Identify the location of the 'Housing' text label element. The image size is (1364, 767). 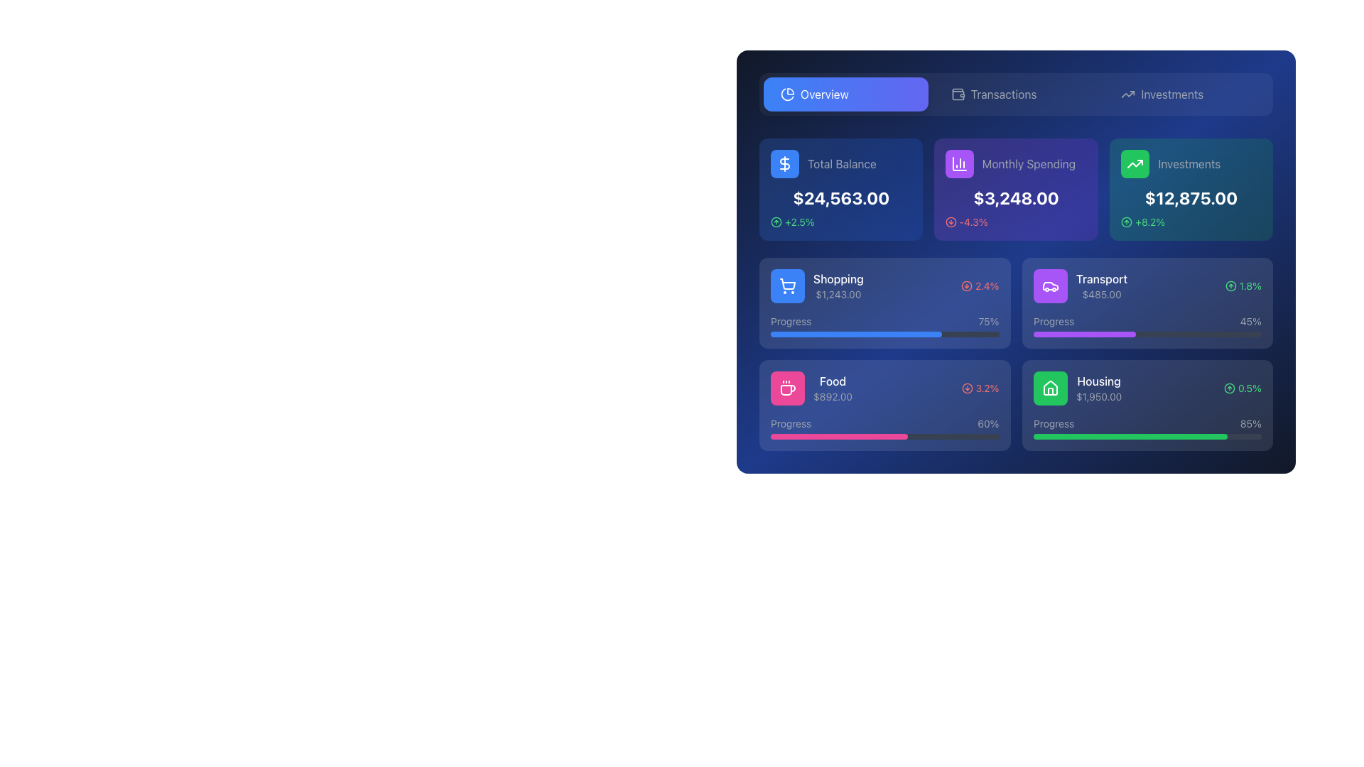
(1098, 380).